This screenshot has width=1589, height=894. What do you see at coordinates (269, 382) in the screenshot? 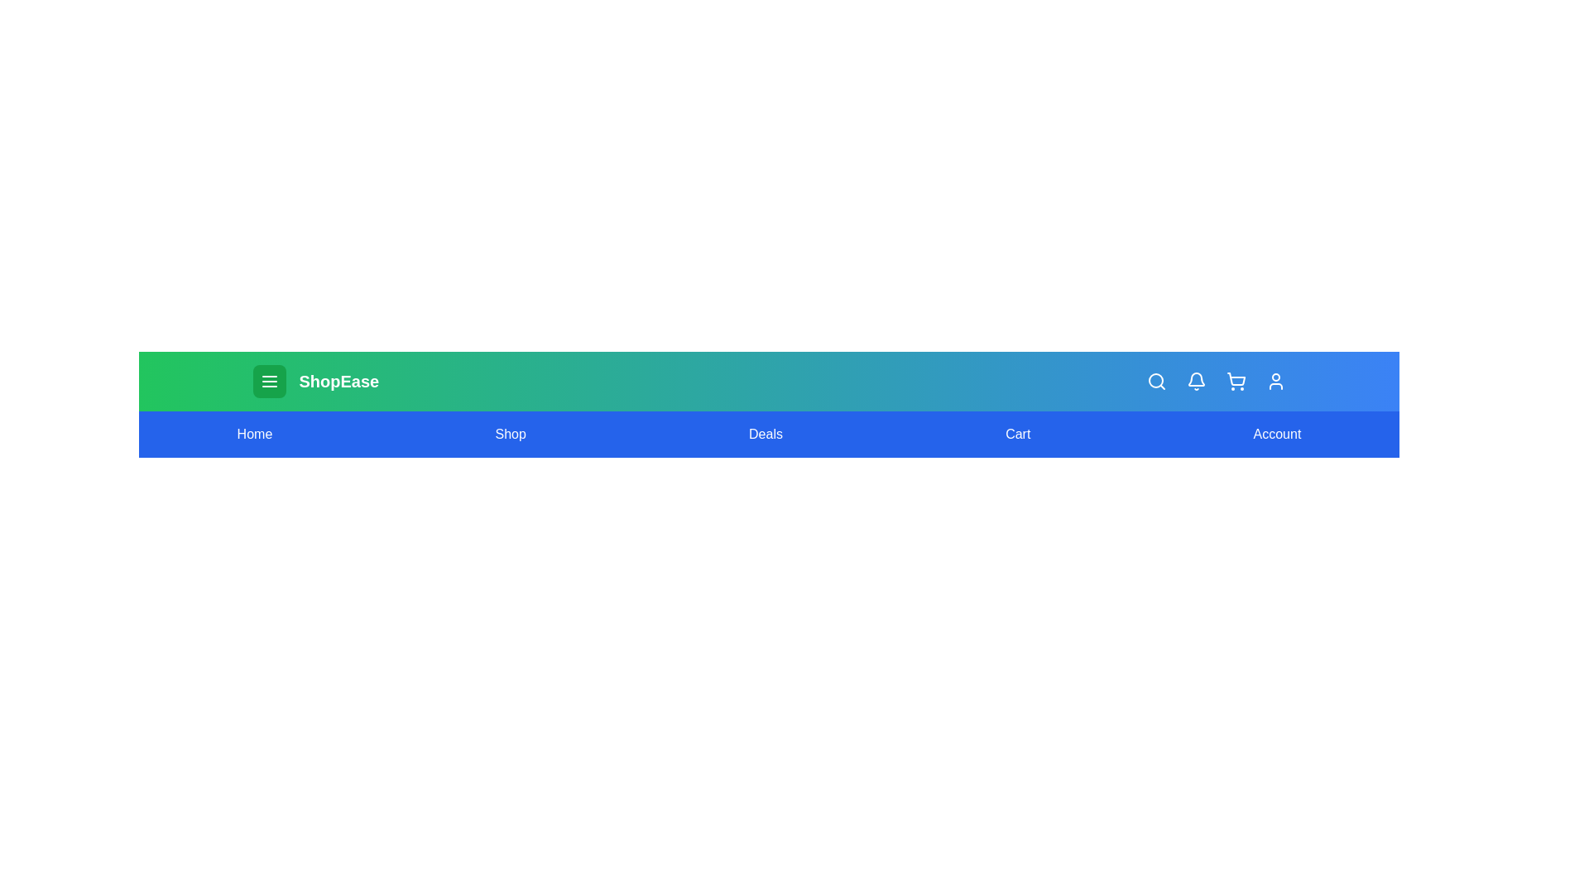
I see `menu button to toggle the navigation menu` at bounding box center [269, 382].